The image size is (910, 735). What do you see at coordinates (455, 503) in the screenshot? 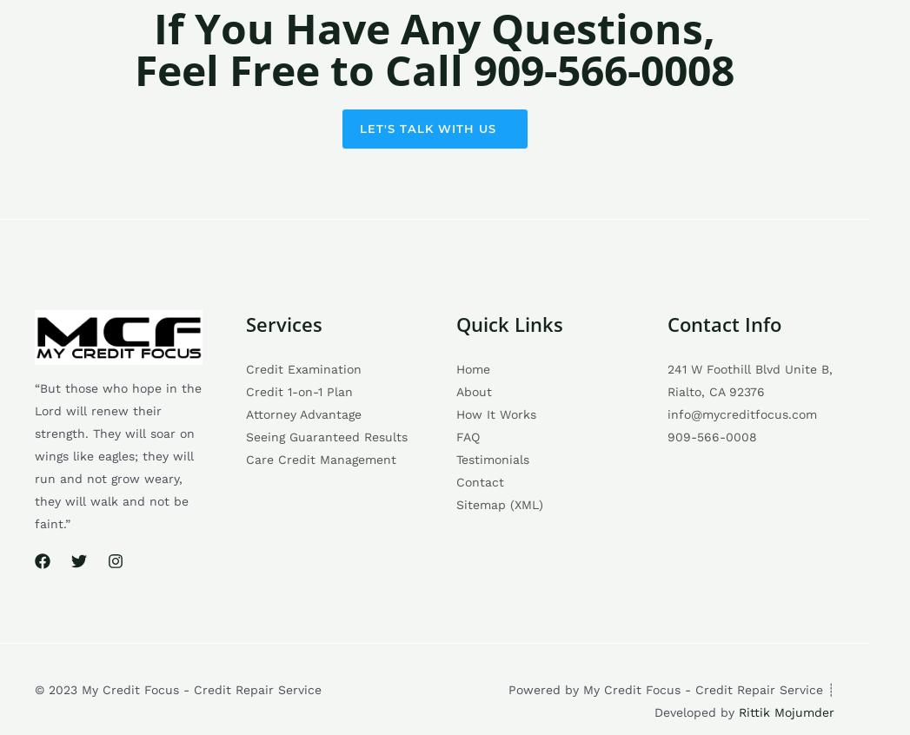
I see `'Sitemap (XML)'` at bounding box center [455, 503].